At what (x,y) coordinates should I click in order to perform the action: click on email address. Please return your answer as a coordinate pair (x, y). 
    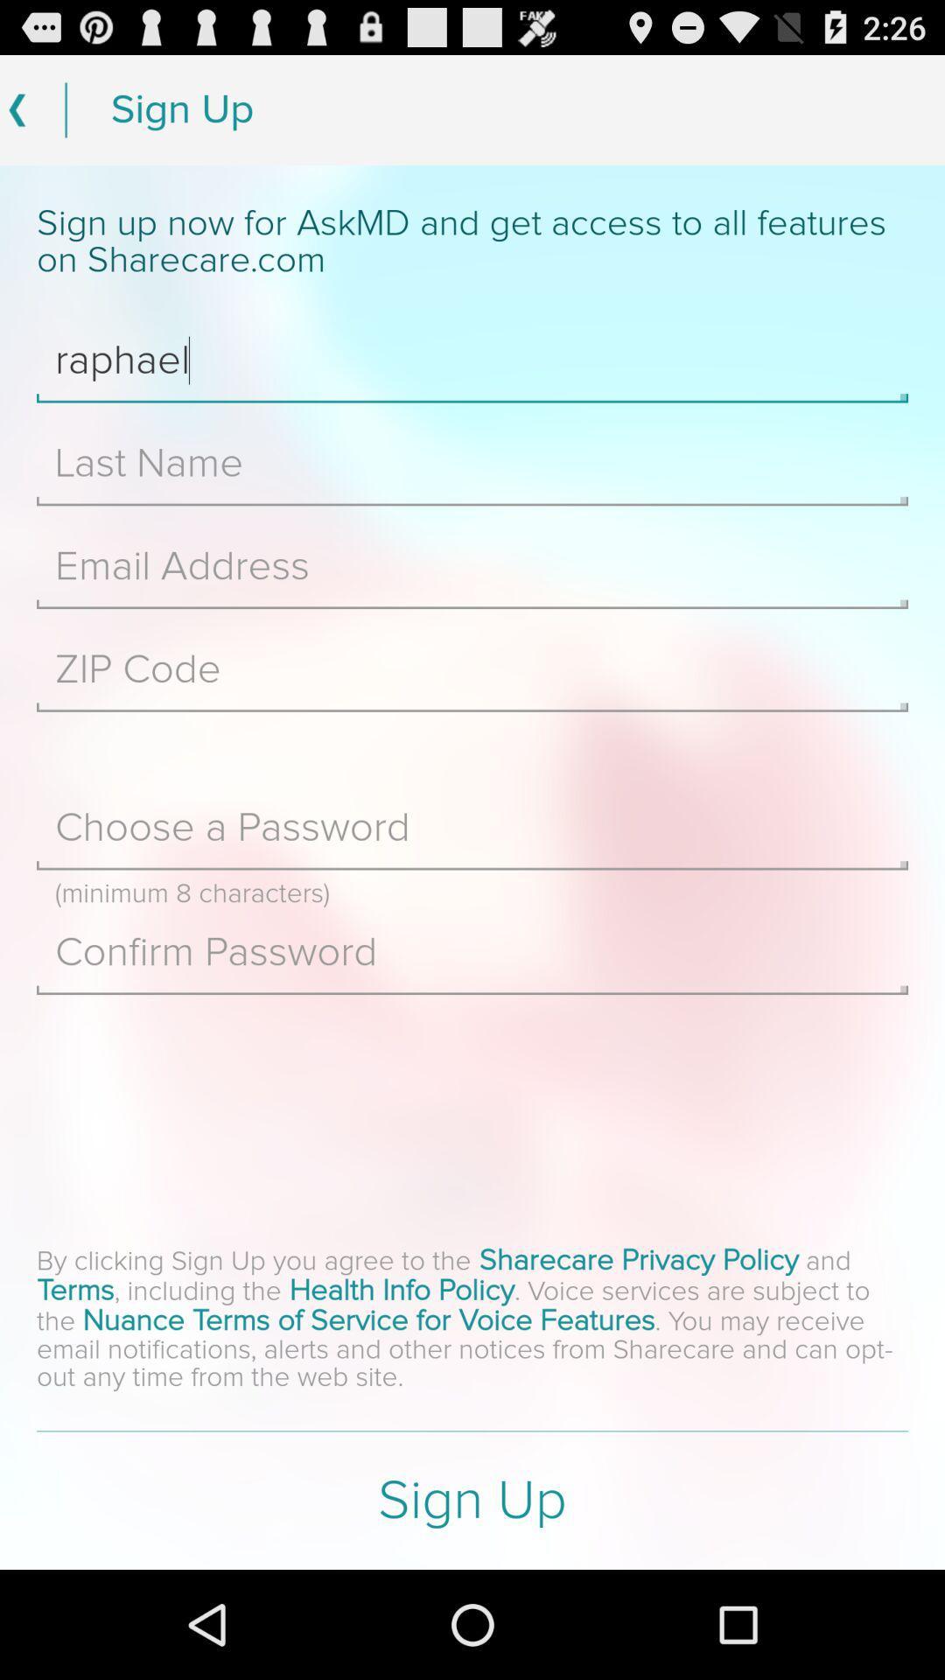
    Looking at the image, I should click on (472, 566).